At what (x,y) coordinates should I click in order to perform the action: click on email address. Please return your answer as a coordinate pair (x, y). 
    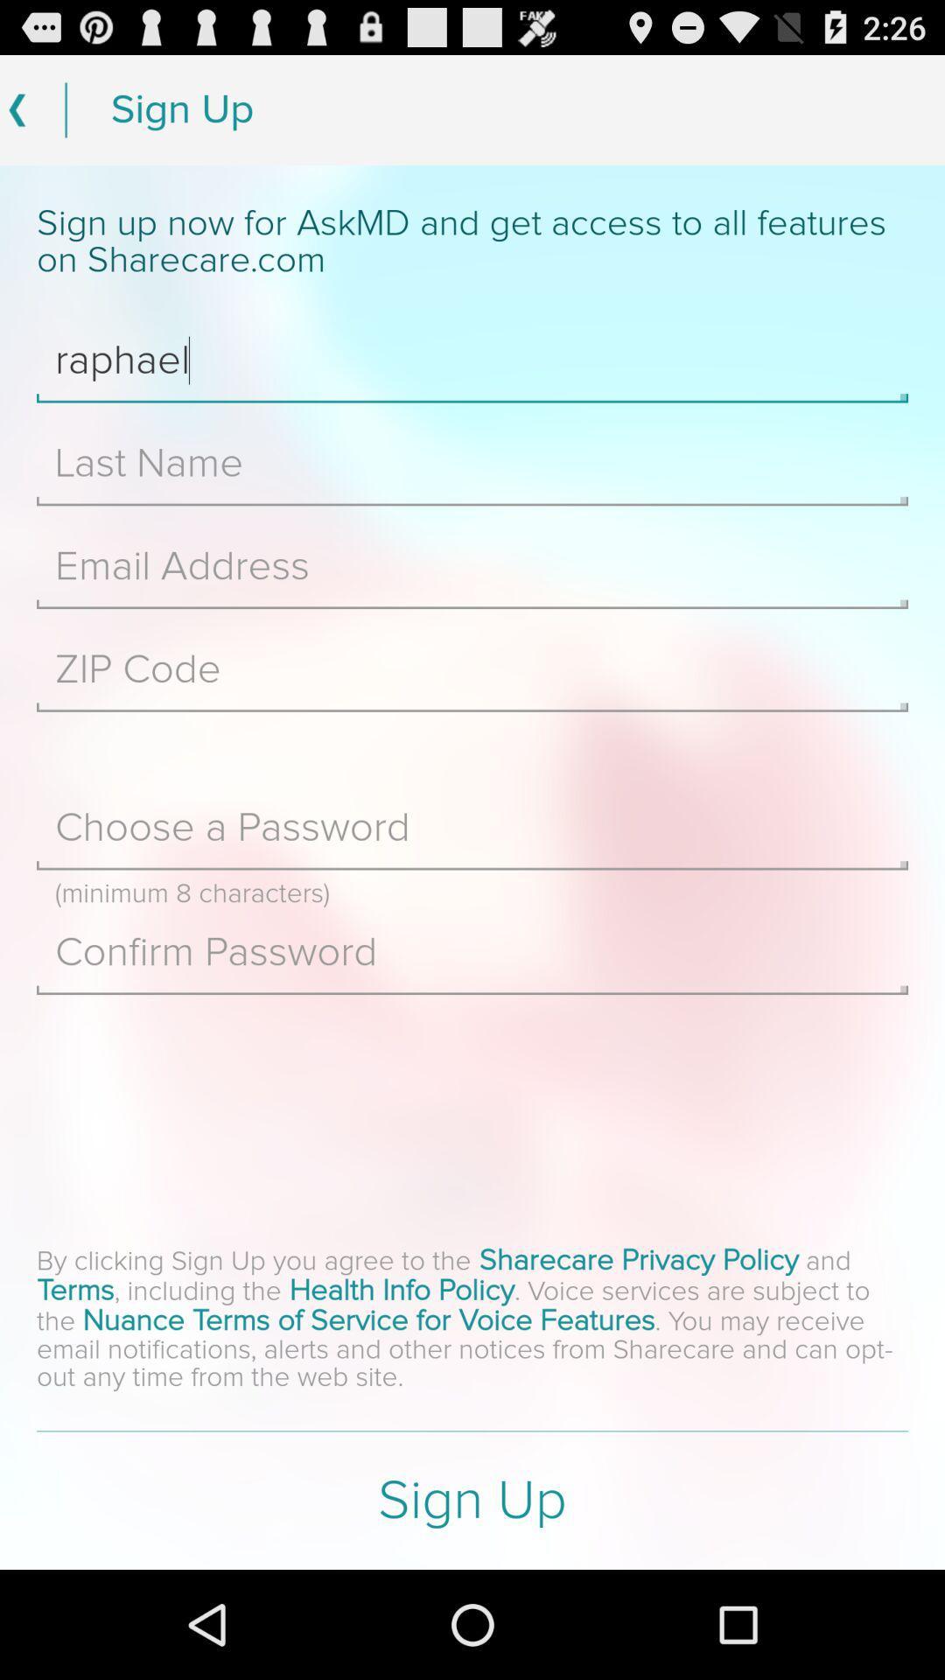
    Looking at the image, I should click on (472, 566).